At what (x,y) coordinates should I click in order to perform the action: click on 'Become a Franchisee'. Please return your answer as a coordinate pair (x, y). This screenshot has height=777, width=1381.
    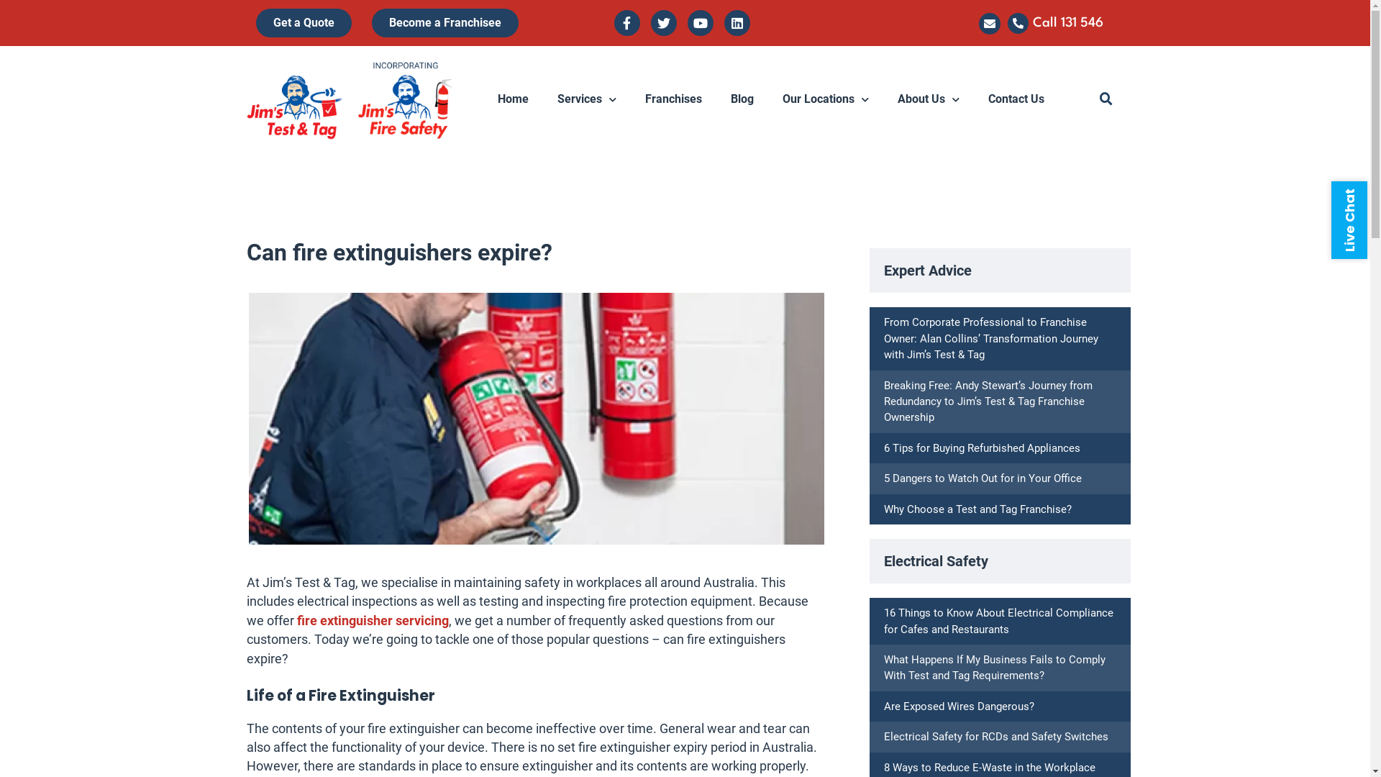
    Looking at the image, I should click on (445, 22).